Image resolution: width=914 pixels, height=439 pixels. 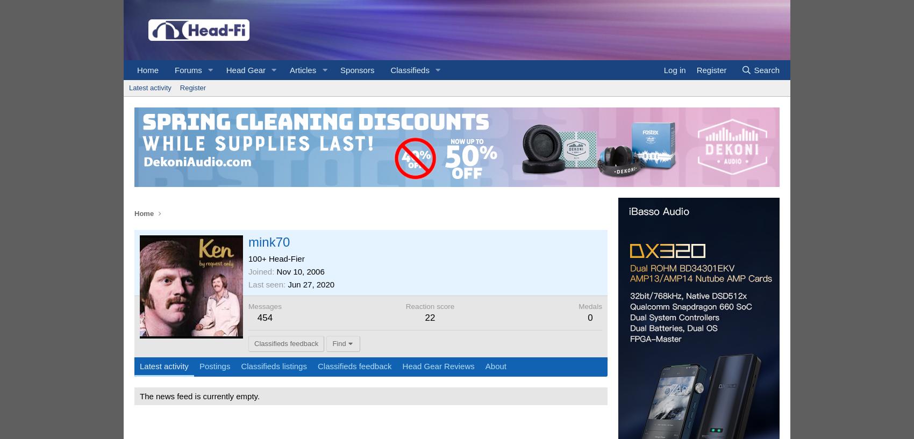 What do you see at coordinates (273, 365) in the screenshot?
I see `'Classifieds listings'` at bounding box center [273, 365].